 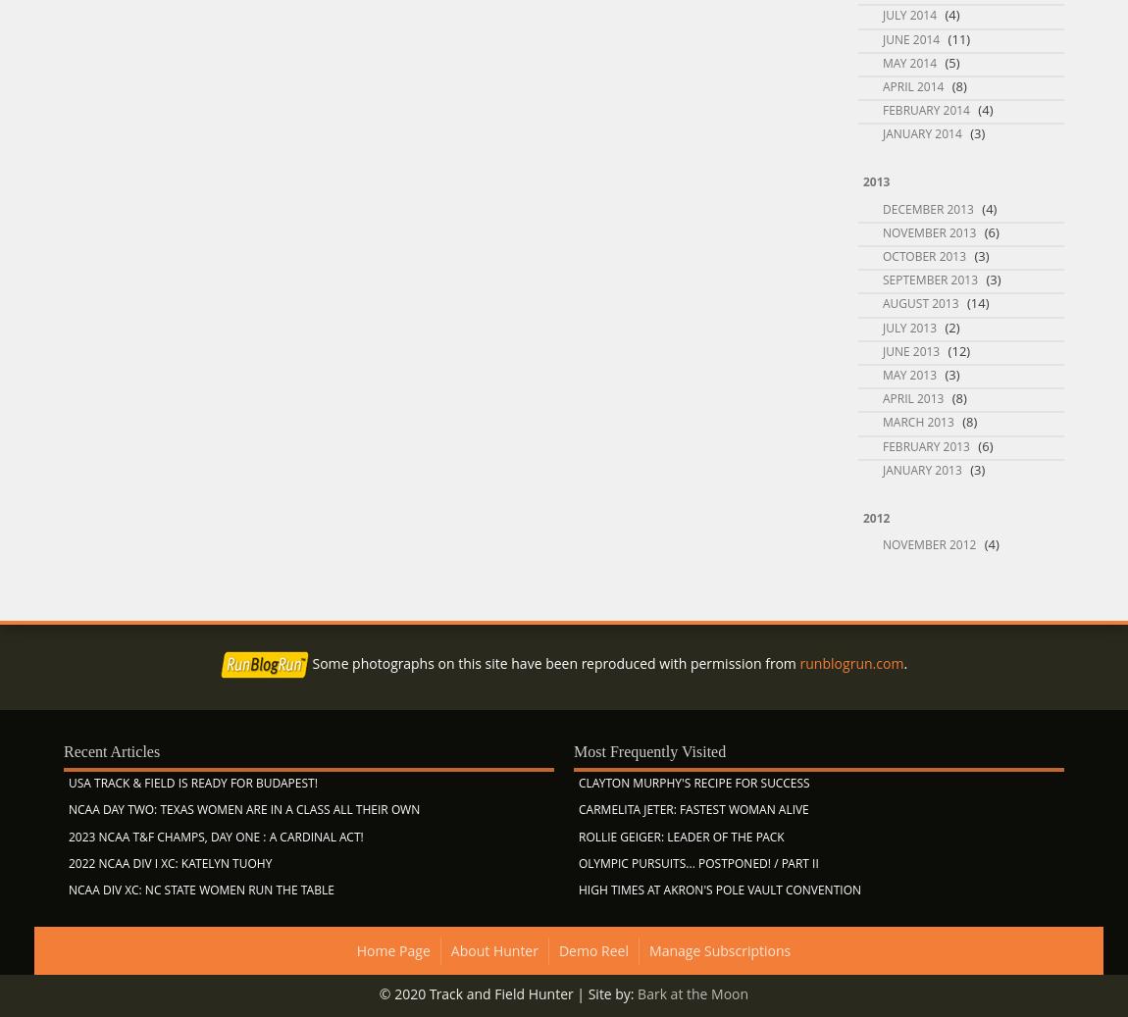 I want to click on 'May 2014', so click(x=909, y=61).